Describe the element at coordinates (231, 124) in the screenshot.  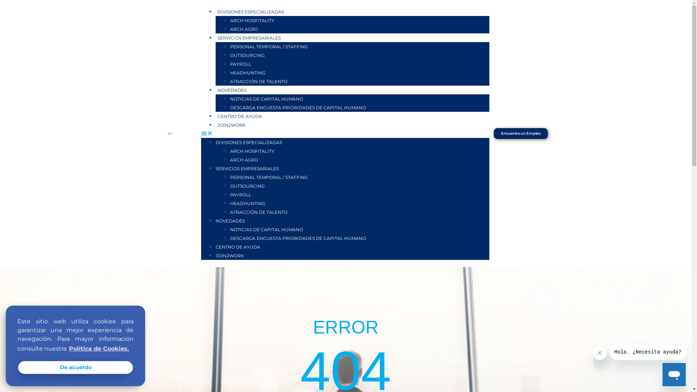
I see `'JOIN2WORK'` at that location.